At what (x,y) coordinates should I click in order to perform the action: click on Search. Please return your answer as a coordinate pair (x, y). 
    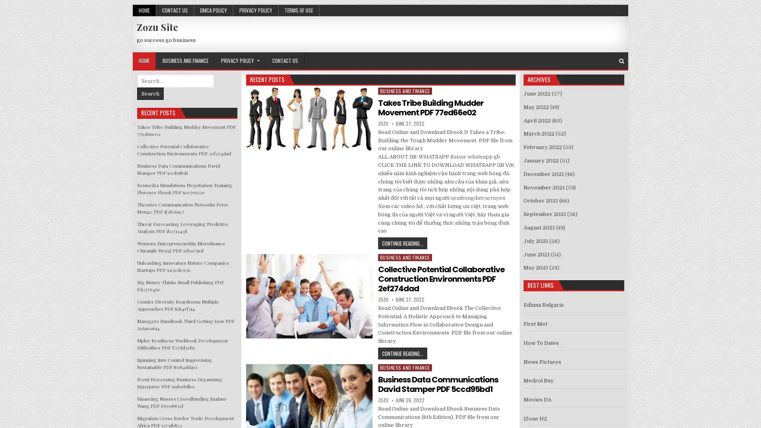
    Looking at the image, I should click on (150, 93).